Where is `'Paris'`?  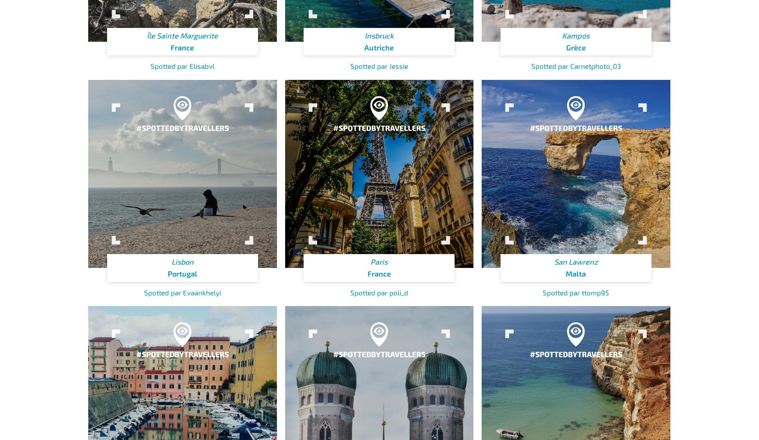 'Paris' is located at coordinates (370, 262).